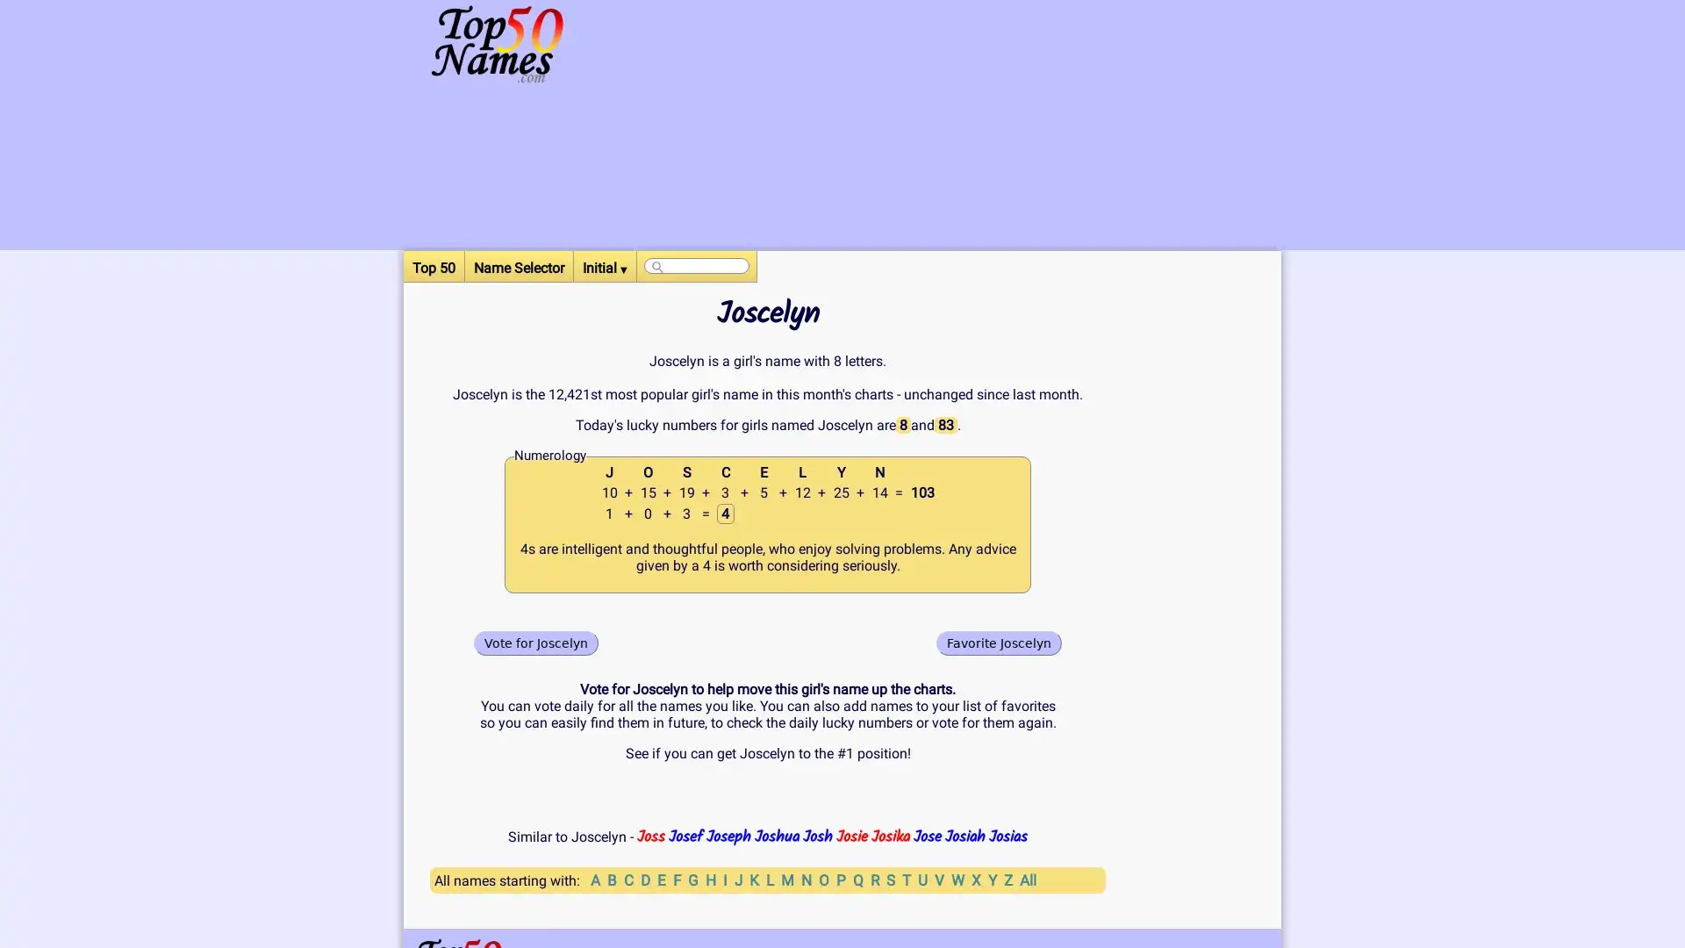  Describe the element at coordinates (534, 643) in the screenshot. I see `Vote for Joscelyn` at that location.